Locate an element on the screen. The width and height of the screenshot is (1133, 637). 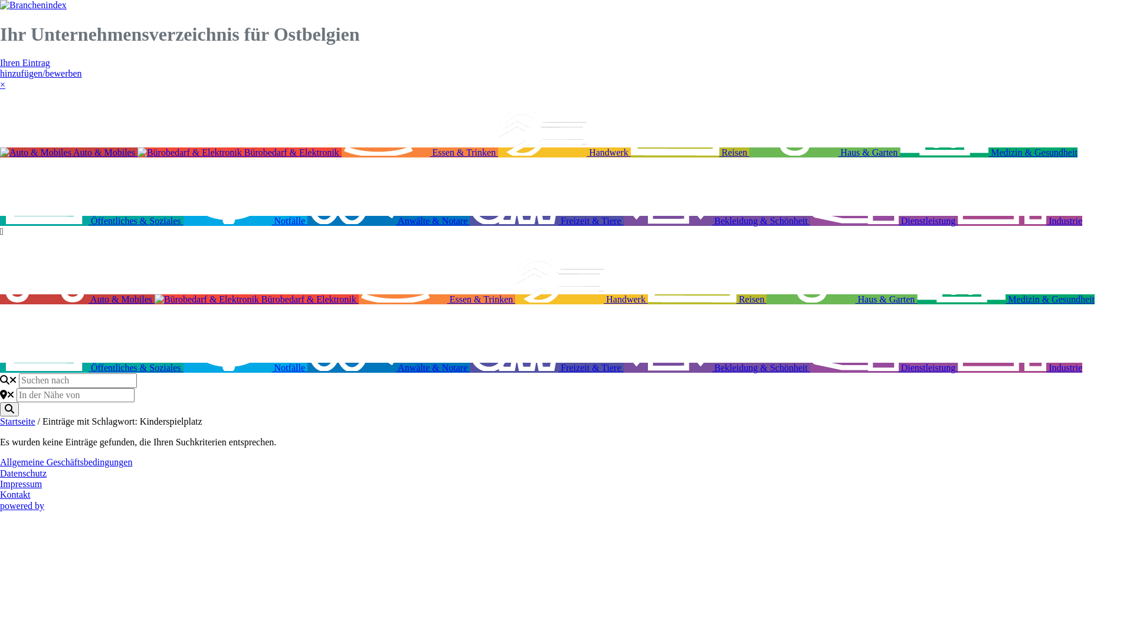
'Handwerk' is located at coordinates (581, 298).